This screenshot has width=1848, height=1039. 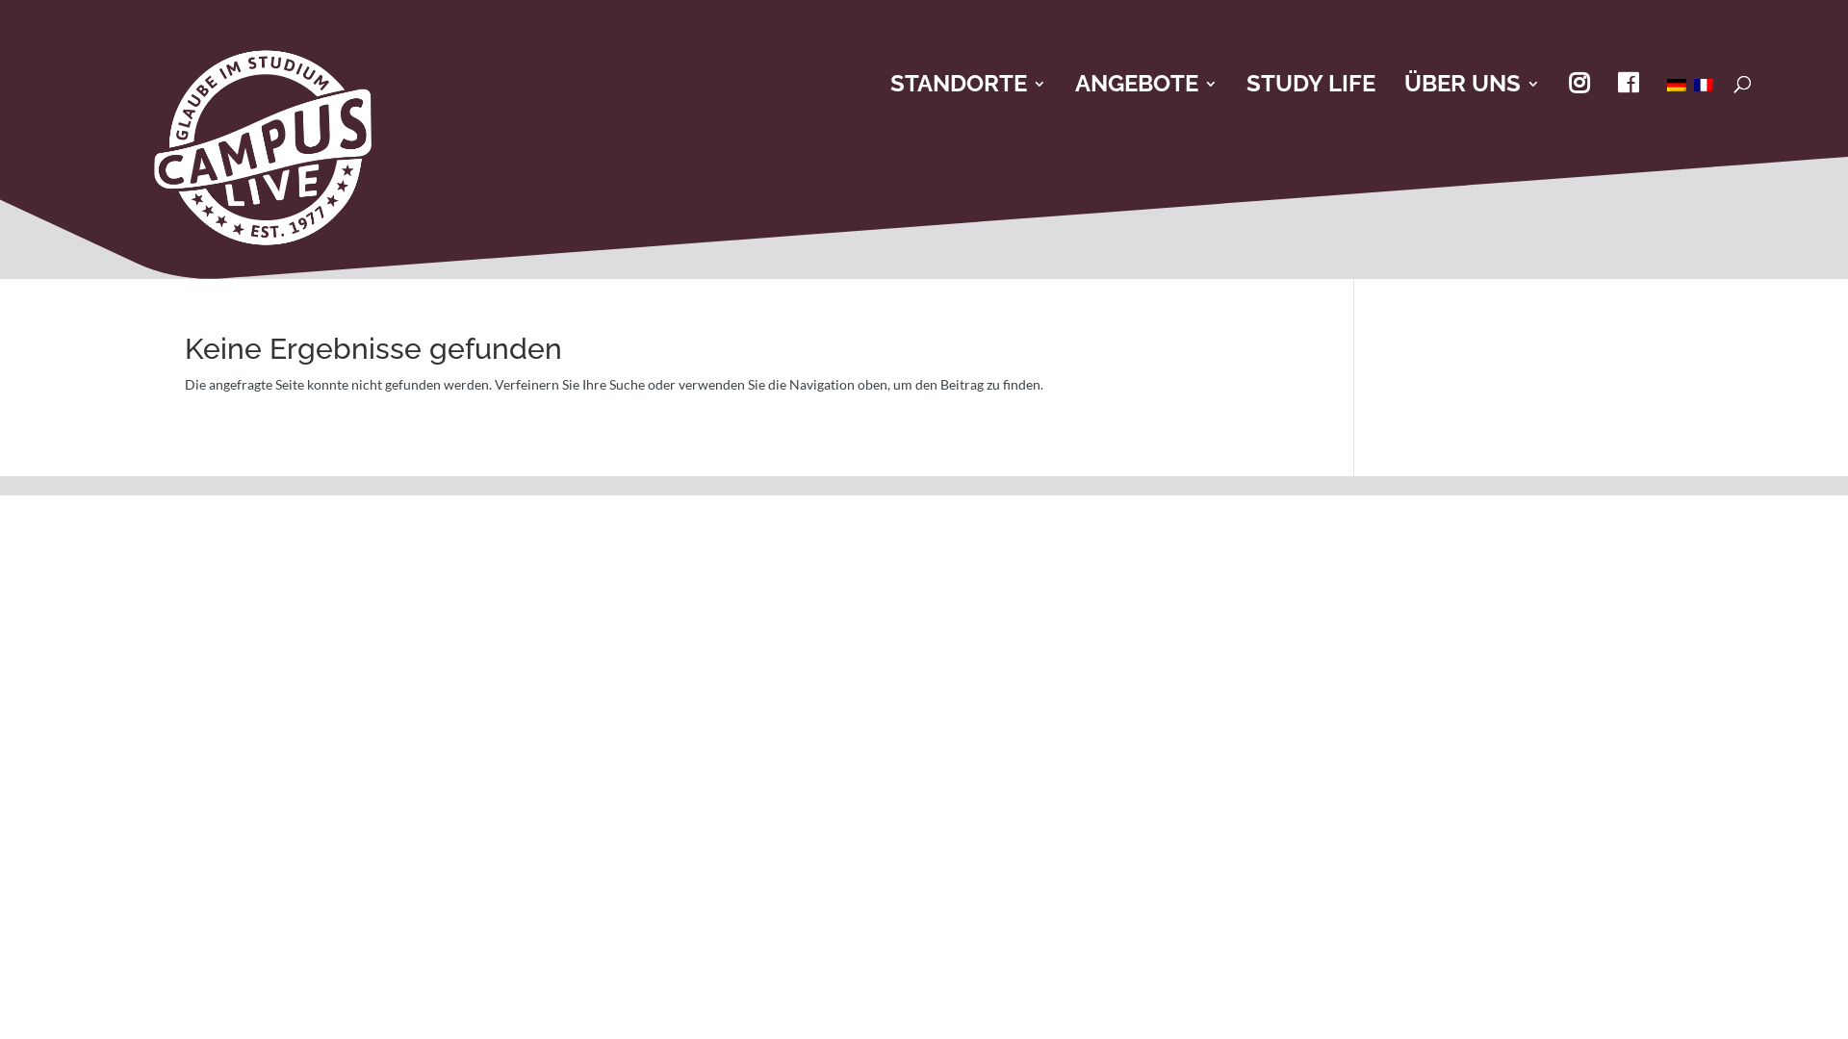 What do you see at coordinates (1145, 83) in the screenshot?
I see `'ANGEBOTE'` at bounding box center [1145, 83].